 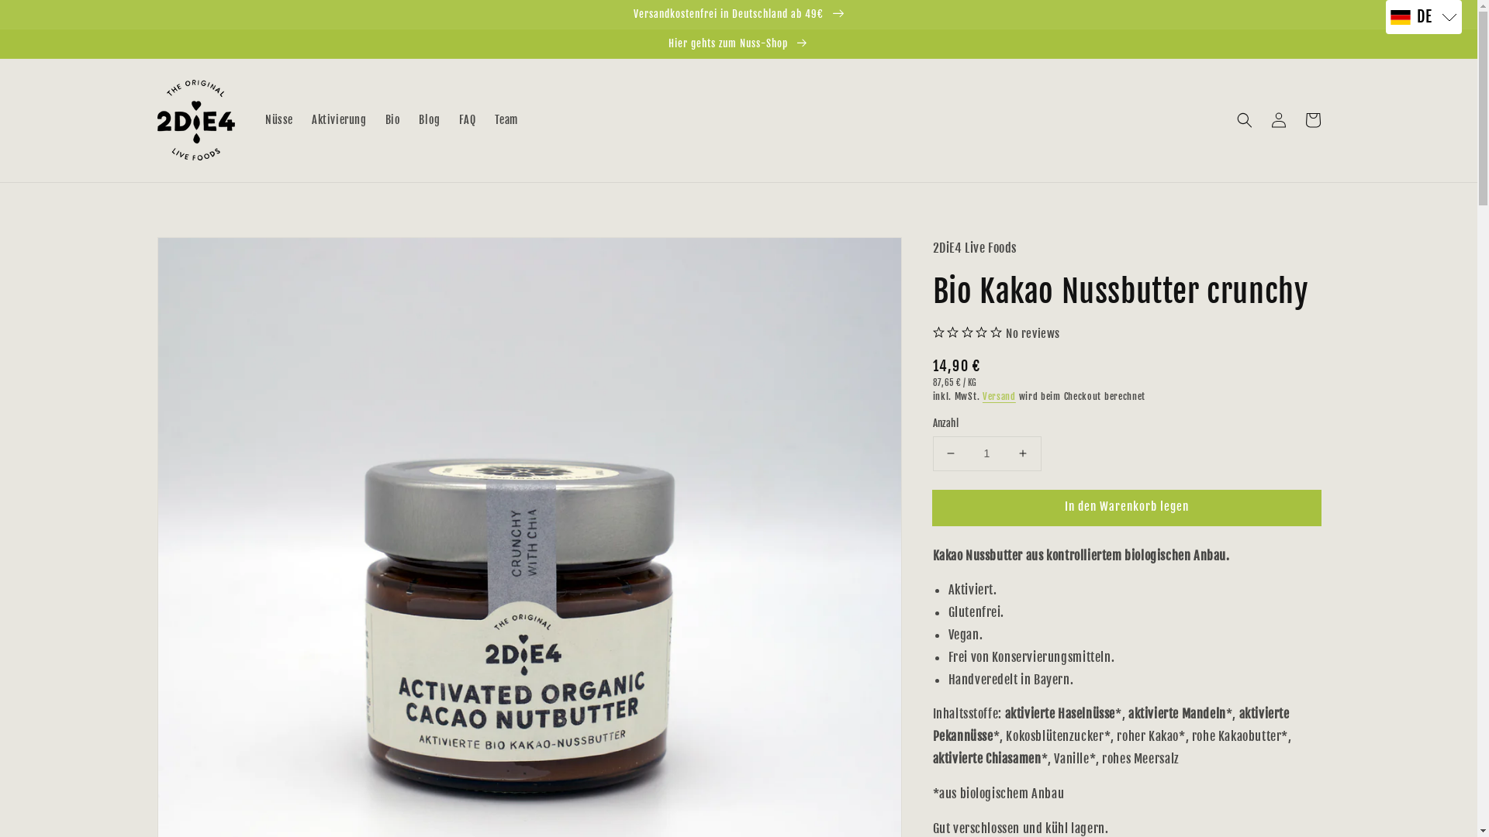 What do you see at coordinates (1126, 508) in the screenshot?
I see `'In den Warenkorb legen'` at bounding box center [1126, 508].